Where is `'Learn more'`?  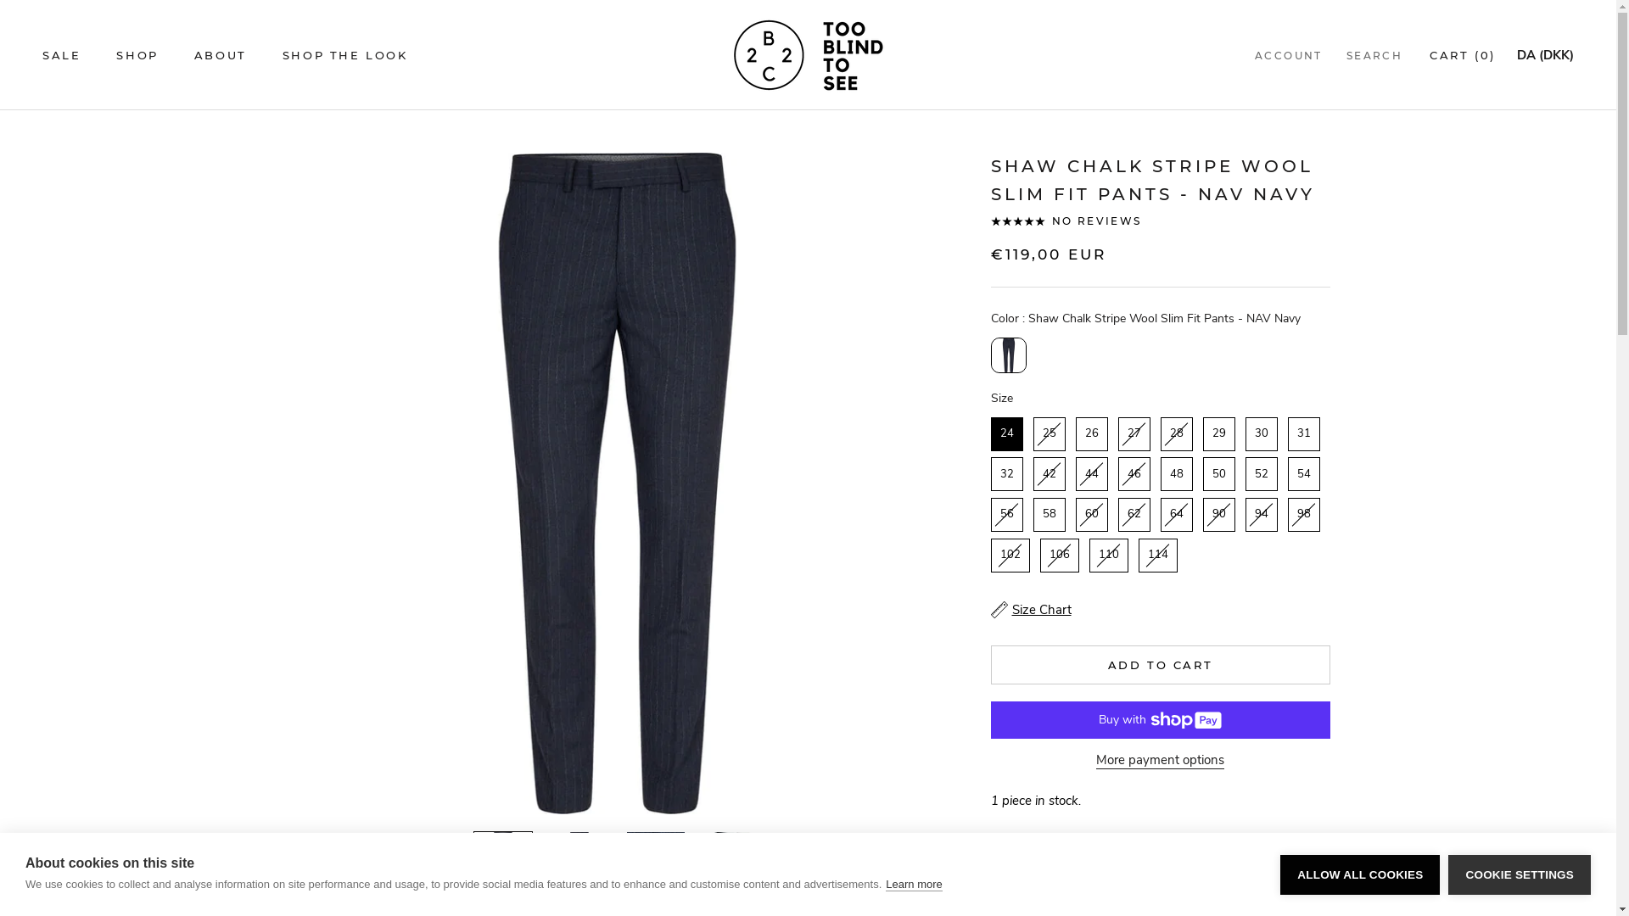 'Learn more' is located at coordinates (912, 883).